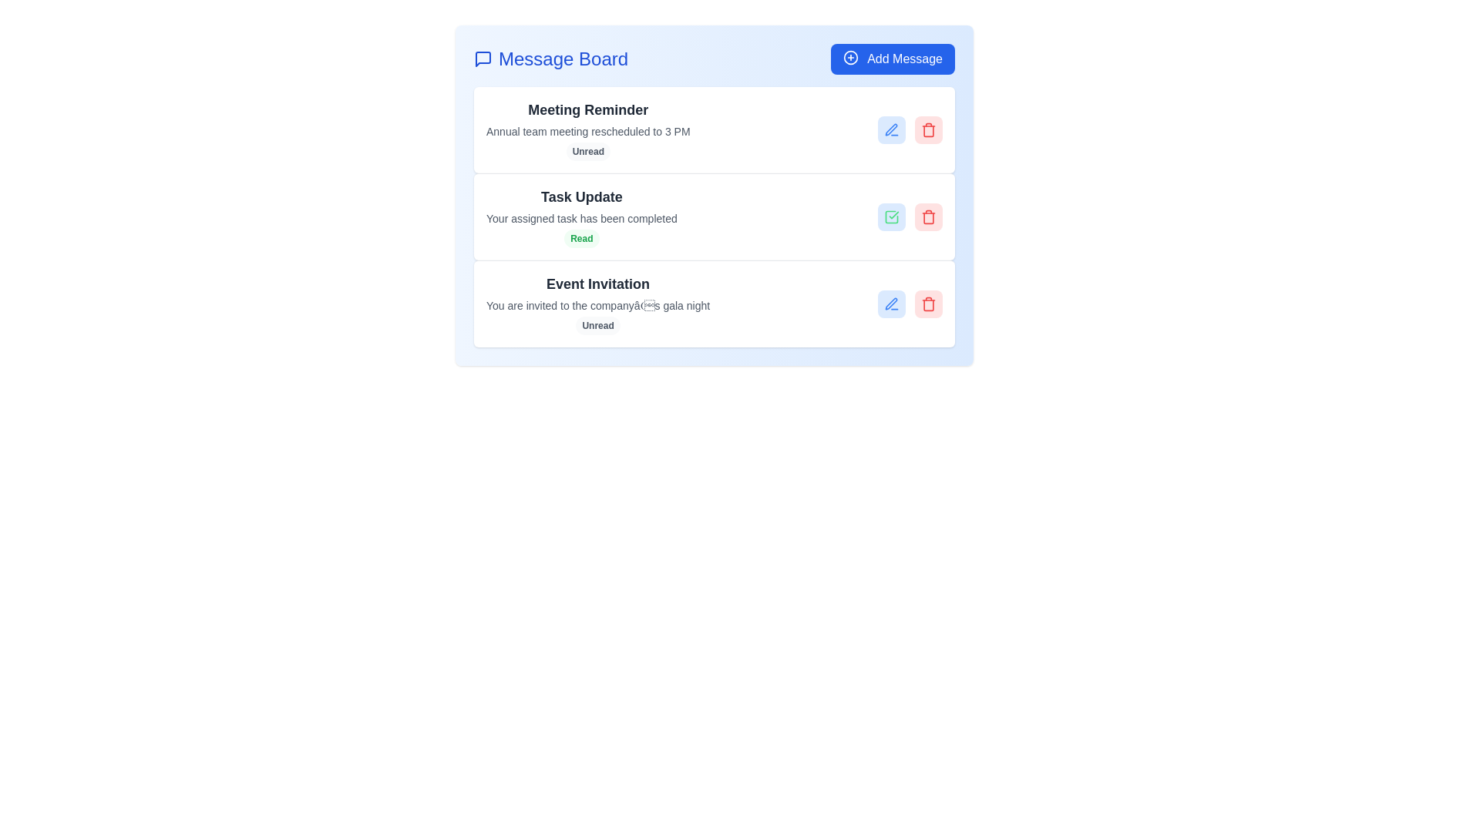  What do you see at coordinates (891, 129) in the screenshot?
I see `the 'Edit' icon button in the third row of the 'Event Invitation' message board` at bounding box center [891, 129].